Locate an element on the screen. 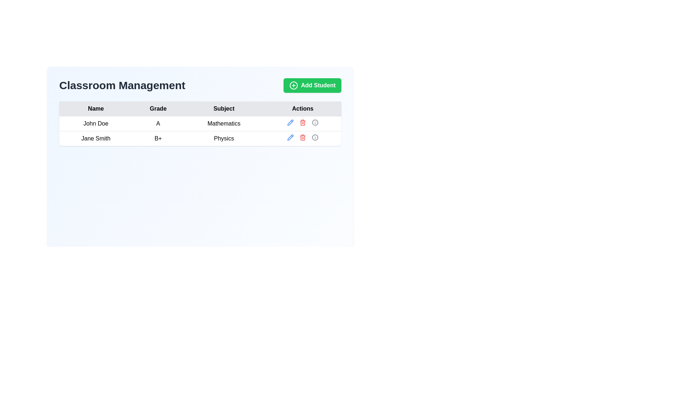 The image size is (698, 393). the delete icon button located in the 'Actions' column of the second row of the table is located at coordinates (302, 138).